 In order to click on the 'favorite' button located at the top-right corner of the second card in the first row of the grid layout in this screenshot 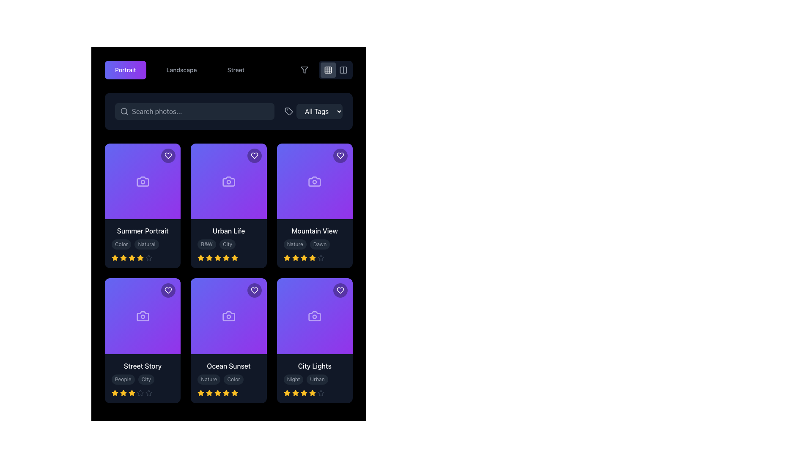, I will do `click(254, 156)`.